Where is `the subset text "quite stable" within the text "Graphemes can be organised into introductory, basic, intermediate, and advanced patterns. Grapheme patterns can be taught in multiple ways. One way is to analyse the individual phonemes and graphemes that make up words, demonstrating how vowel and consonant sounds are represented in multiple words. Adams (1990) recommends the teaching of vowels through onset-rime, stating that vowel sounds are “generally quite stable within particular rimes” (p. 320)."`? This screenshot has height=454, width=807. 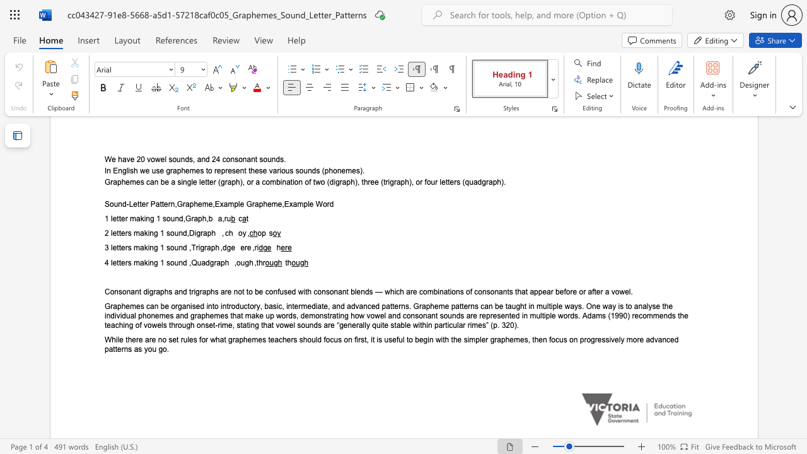 the subset text "quite stable" within the text "Graphemes can be organised into introductory, basic, intermediate, and advanced patterns. Grapheme patterns can be taught in multiple ways. One way is to analyse the individual phonemes and graphemes that make up words, demonstrating how vowel and consonant sounds are represented in multiple words. Adams (1990) recommends the teaching of vowels through onset-rime, stating that vowel sounds are “generally quite stable within particular rimes” (p. 320)." is located at coordinates (371, 325).